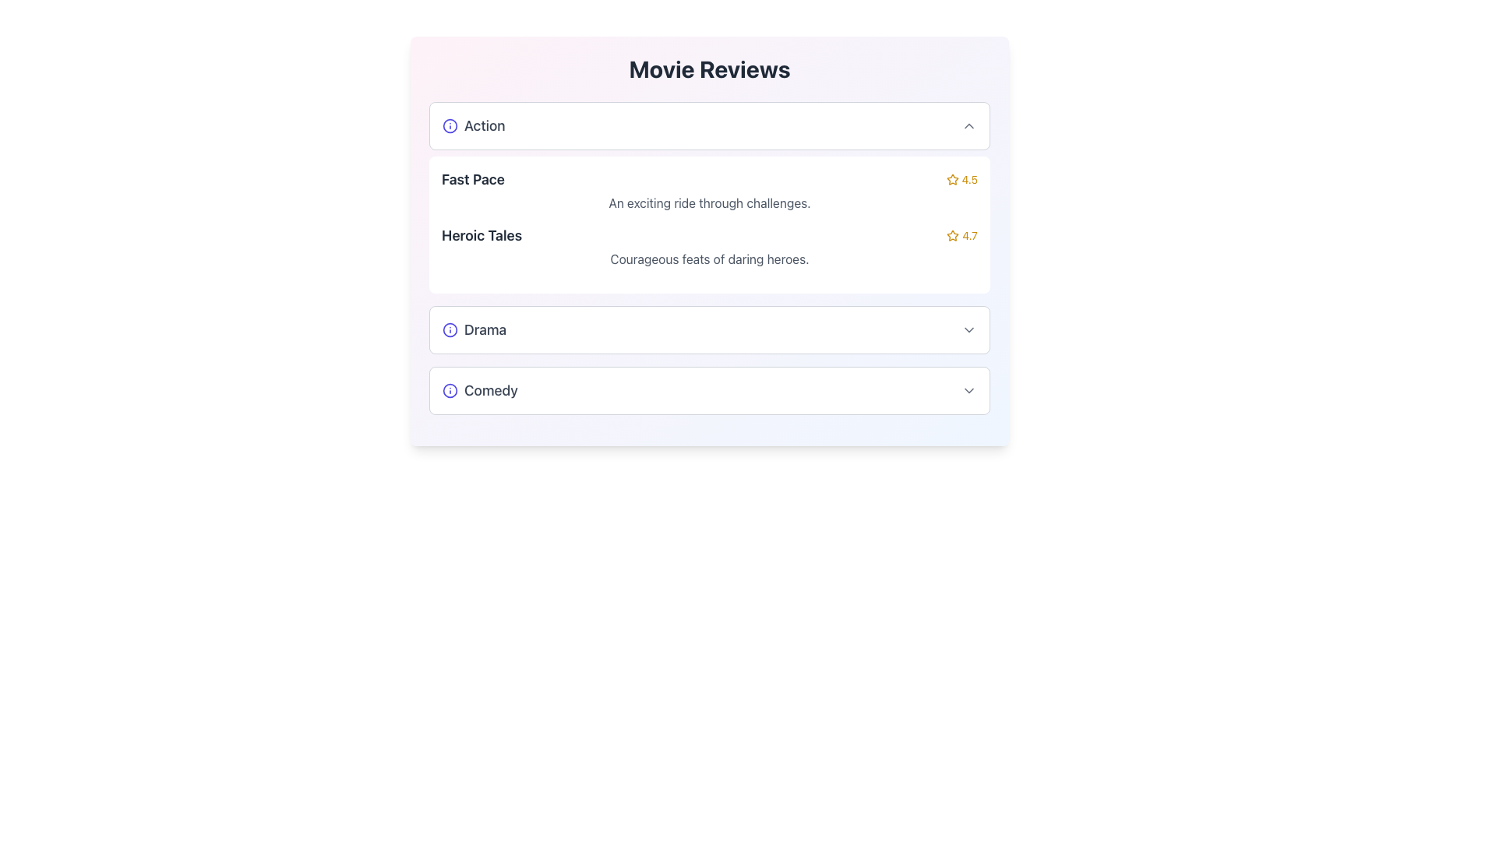 Image resolution: width=1496 pixels, height=841 pixels. What do you see at coordinates (449, 389) in the screenshot?
I see `the circular information icon with a blue outline located to the left of the text 'Comedy' in the collapsible section of the 'Movie Reviews' interface for more information` at bounding box center [449, 389].